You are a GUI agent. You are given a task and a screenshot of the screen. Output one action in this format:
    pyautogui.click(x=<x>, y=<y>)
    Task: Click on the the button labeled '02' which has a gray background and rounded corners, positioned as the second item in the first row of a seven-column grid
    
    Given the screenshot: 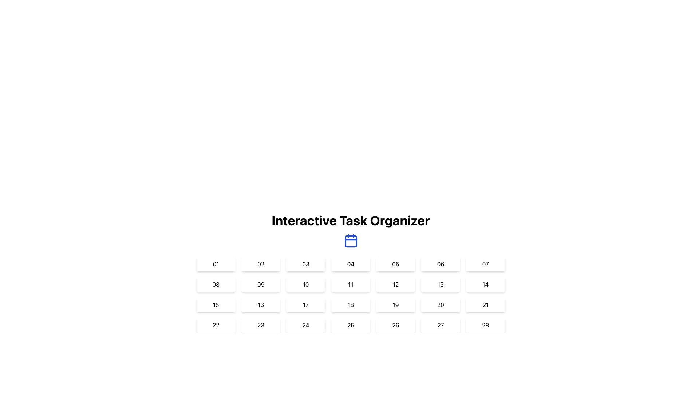 What is the action you would take?
    pyautogui.click(x=261, y=264)
    